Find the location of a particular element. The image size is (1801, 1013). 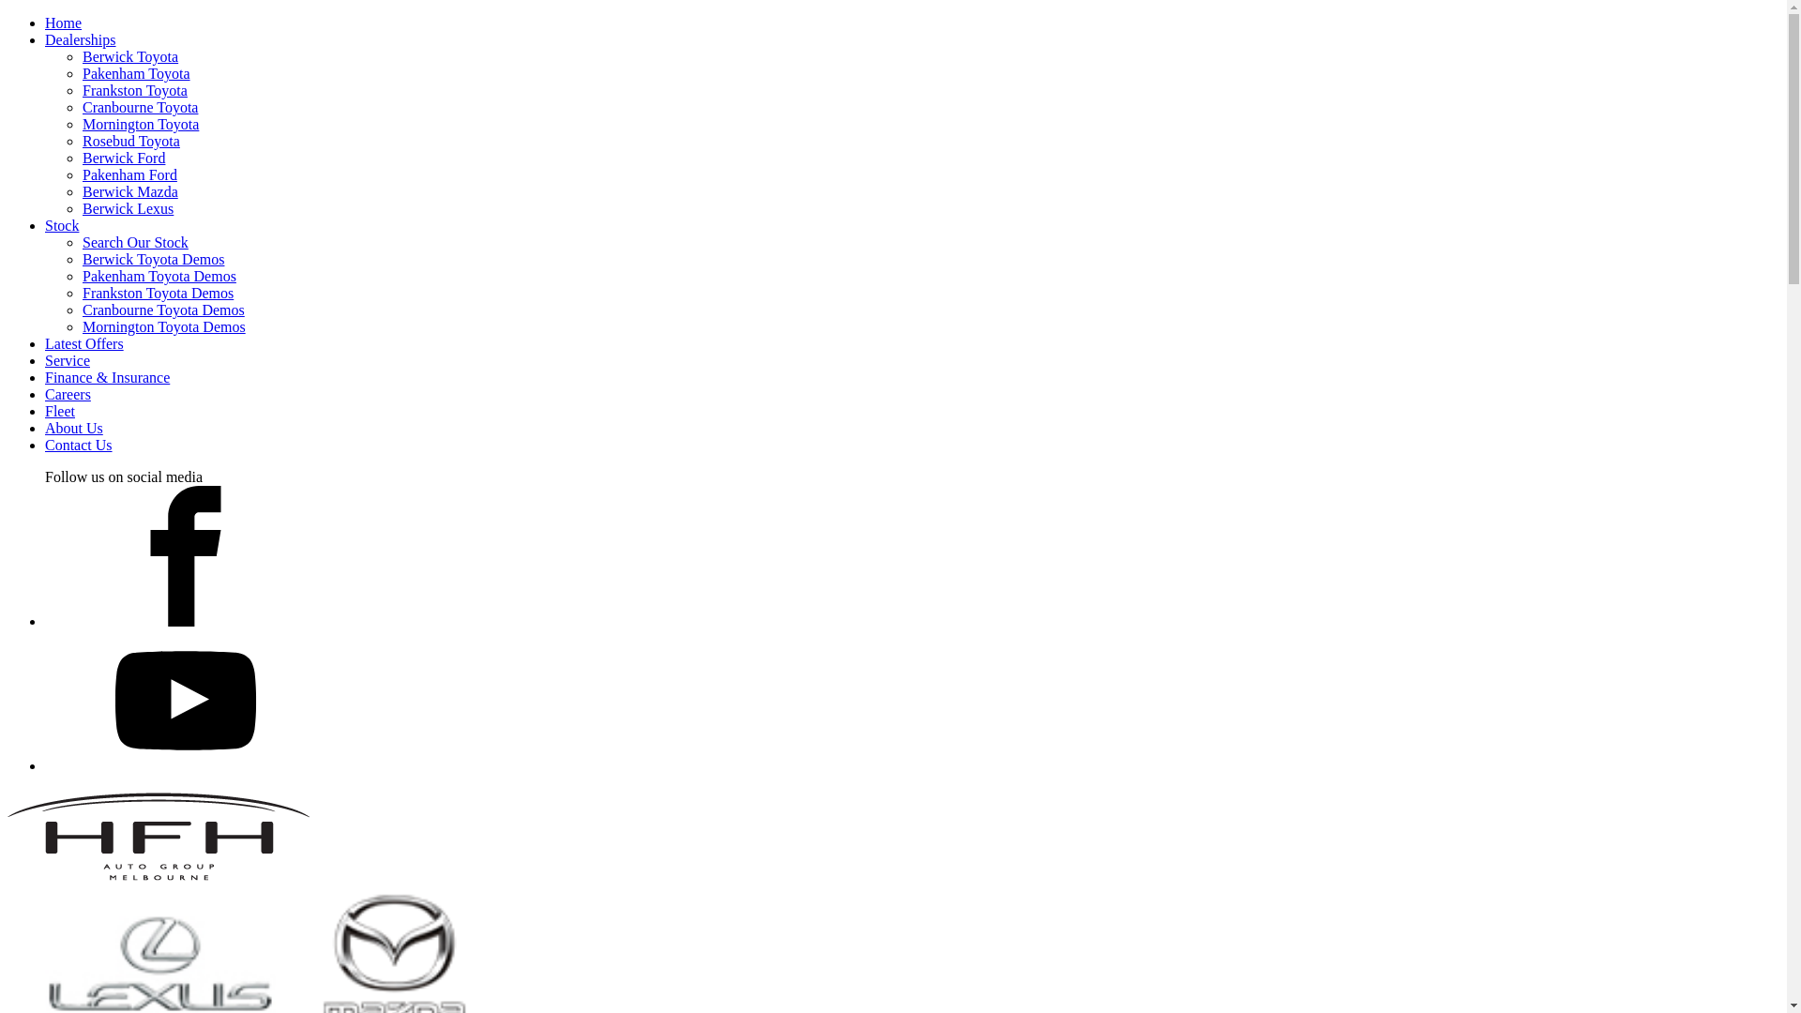

'About Us' is located at coordinates (73, 428).